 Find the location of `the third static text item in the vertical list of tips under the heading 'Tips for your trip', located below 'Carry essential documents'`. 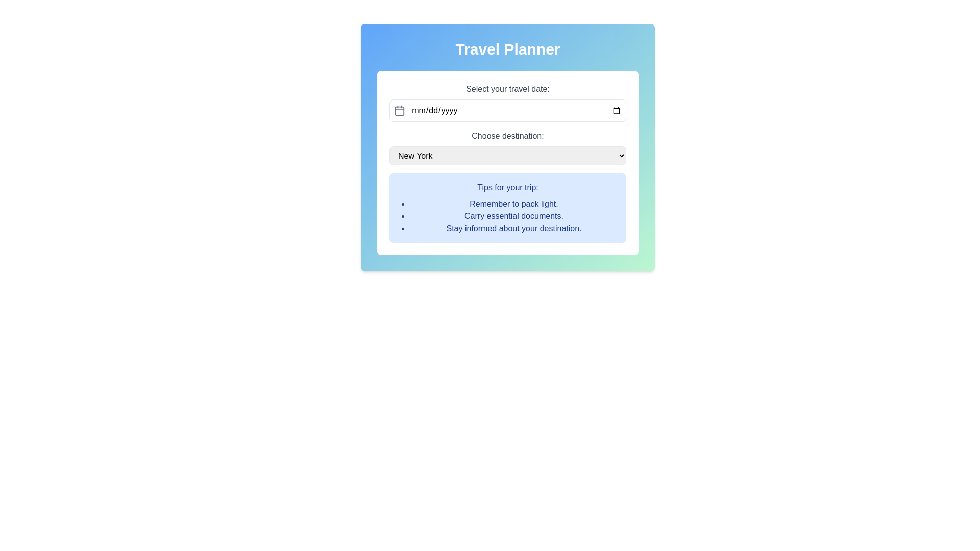

the third static text item in the vertical list of tips under the heading 'Tips for your trip', located below 'Carry essential documents' is located at coordinates (514, 228).